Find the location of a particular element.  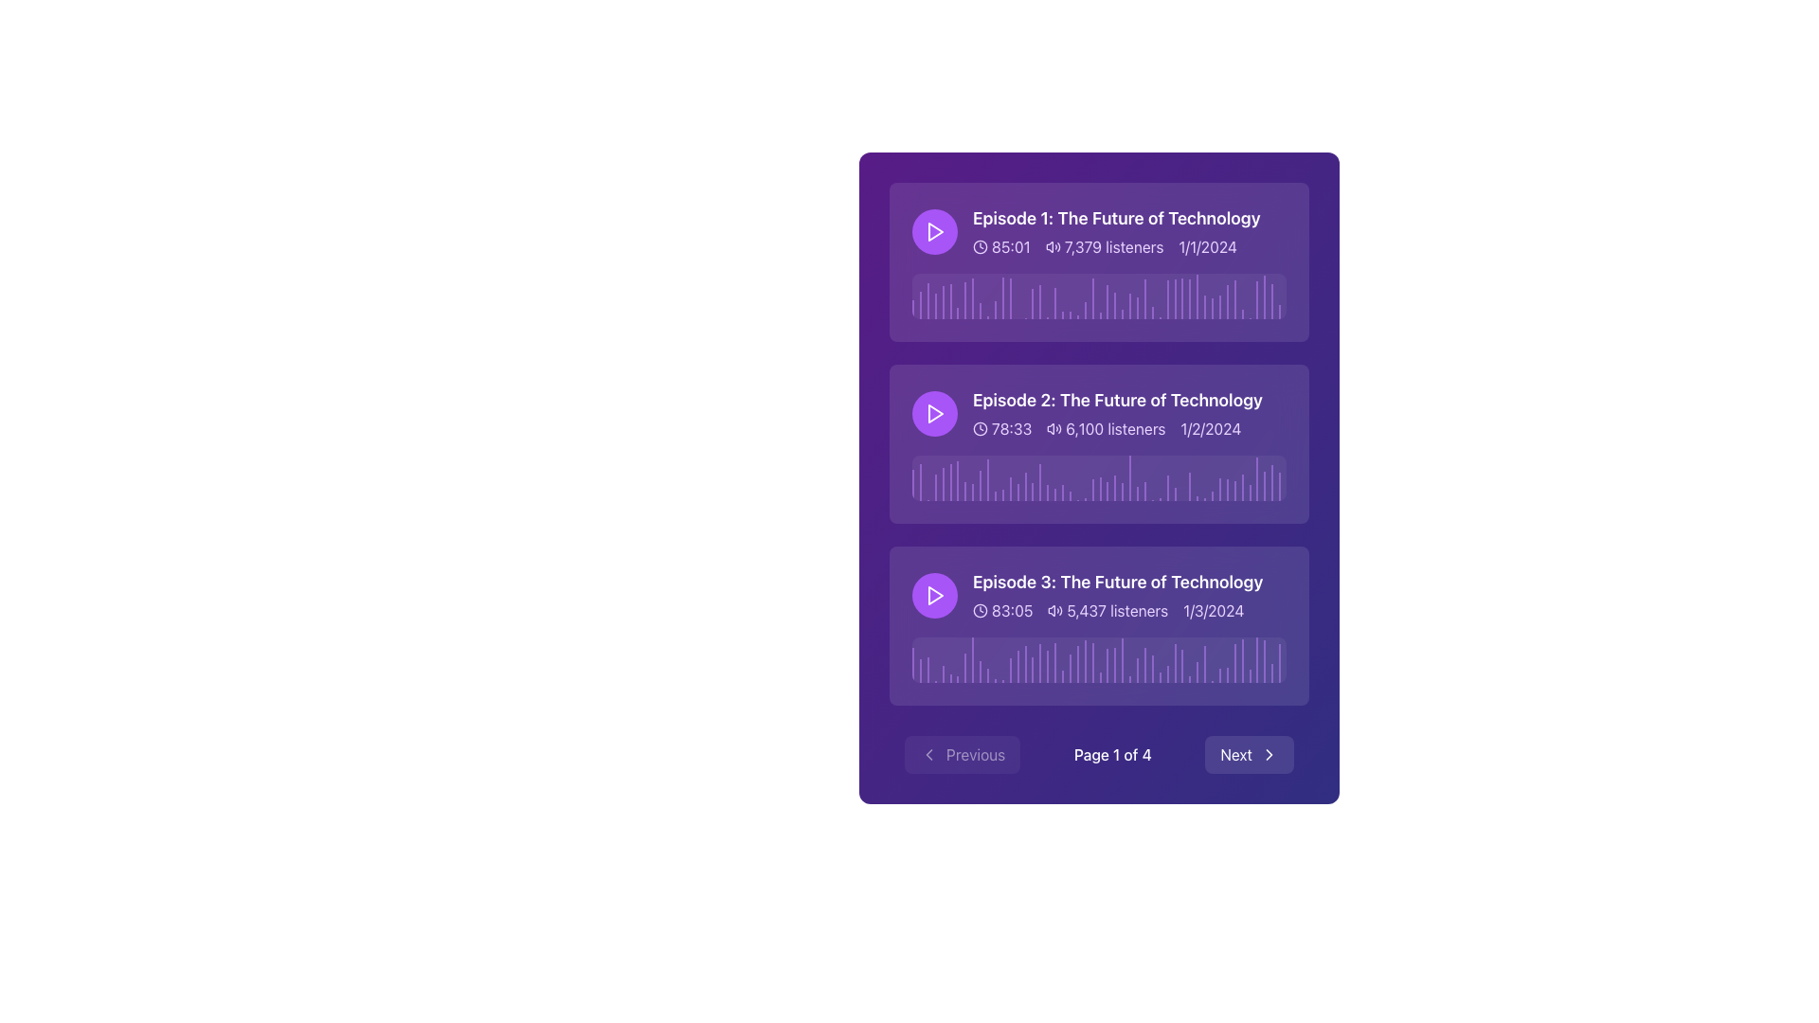

the purple vertical Progress Indicator Line on the leftmost side of the waveform graph is located at coordinates (913, 309).